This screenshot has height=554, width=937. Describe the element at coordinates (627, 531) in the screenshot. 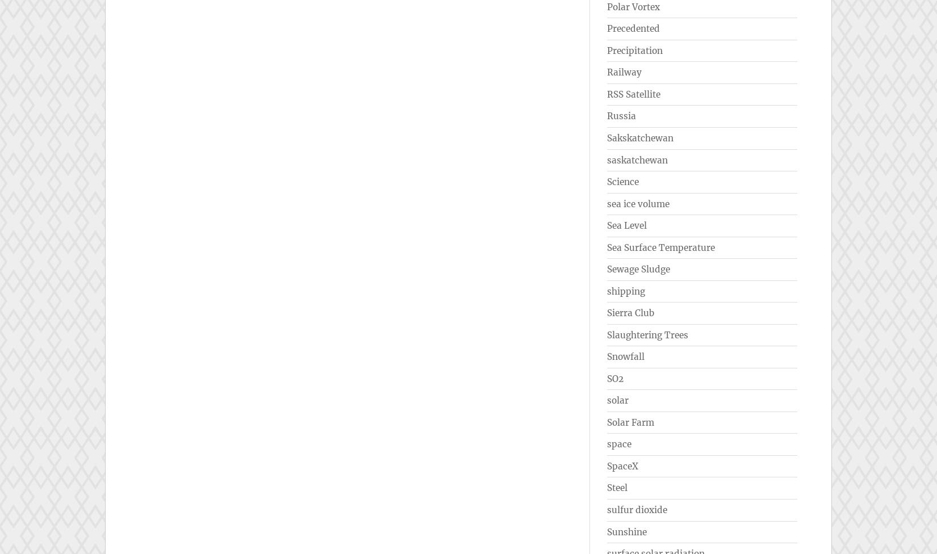

I see `'Sunshine'` at that location.